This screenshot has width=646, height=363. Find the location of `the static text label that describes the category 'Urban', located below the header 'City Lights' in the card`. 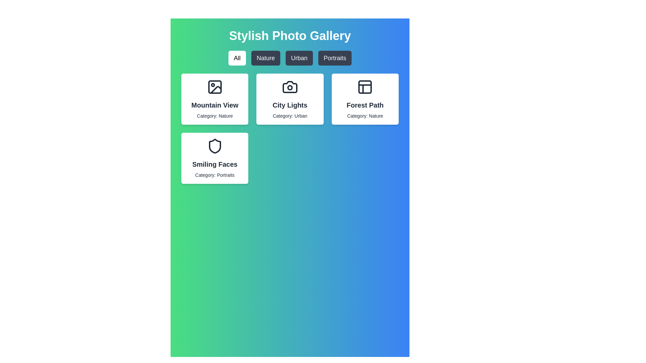

the static text label that describes the category 'Urban', located below the header 'City Lights' in the card is located at coordinates (290, 115).